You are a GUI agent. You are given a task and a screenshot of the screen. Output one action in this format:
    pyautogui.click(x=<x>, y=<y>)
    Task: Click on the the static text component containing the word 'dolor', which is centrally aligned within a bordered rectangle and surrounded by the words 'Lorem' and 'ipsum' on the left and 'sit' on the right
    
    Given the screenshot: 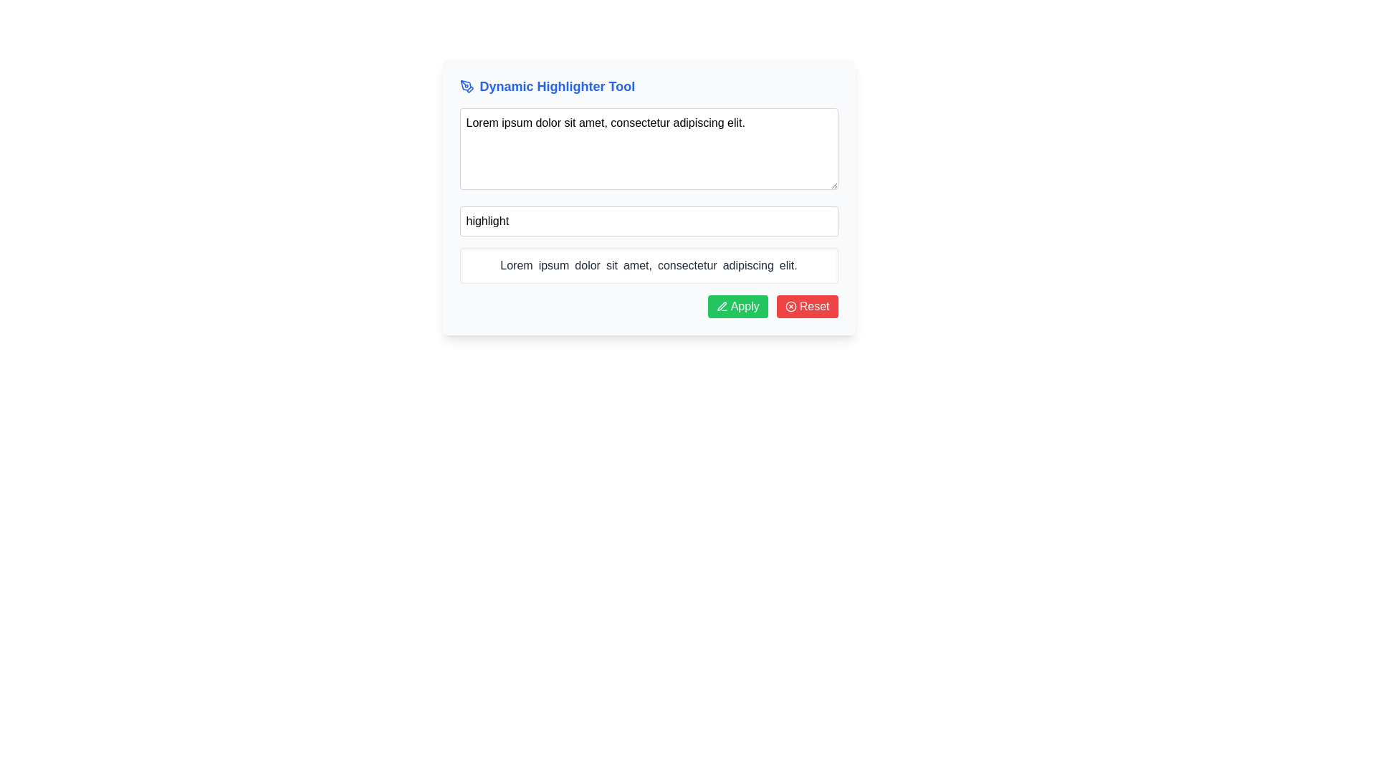 What is the action you would take?
    pyautogui.click(x=588, y=265)
    